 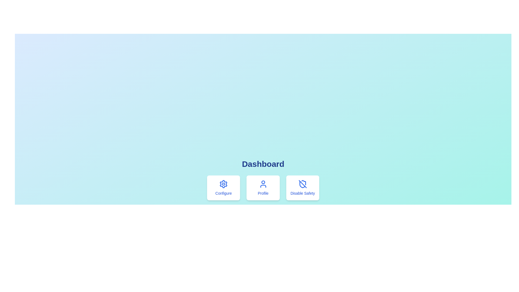 I want to click on the descriptive text label for 'Disable Safety' located at the bottom-center of the rightmost card element, so click(x=302, y=193).